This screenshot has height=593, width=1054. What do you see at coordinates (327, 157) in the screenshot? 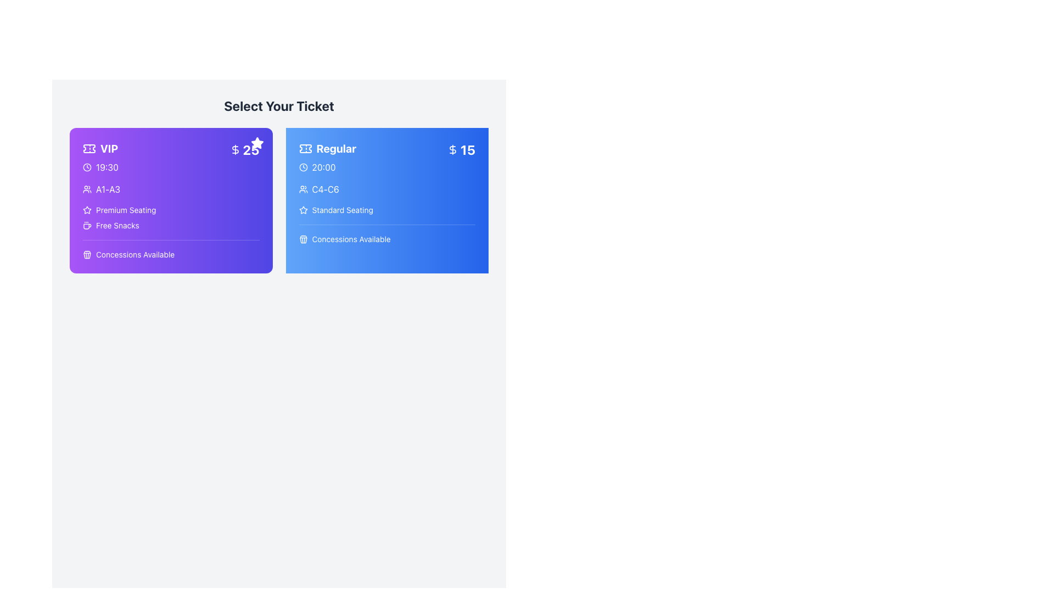
I see `the 'Regular' label with a ticket icon, which is styled in bold and has a blue background, located in the top left region of the right blue ticket card` at bounding box center [327, 157].